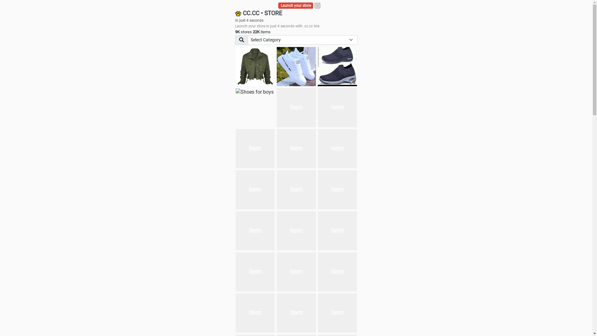 The height and width of the screenshot is (336, 597). Describe the element at coordinates (255, 66) in the screenshot. I see `'jacket'` at that location.